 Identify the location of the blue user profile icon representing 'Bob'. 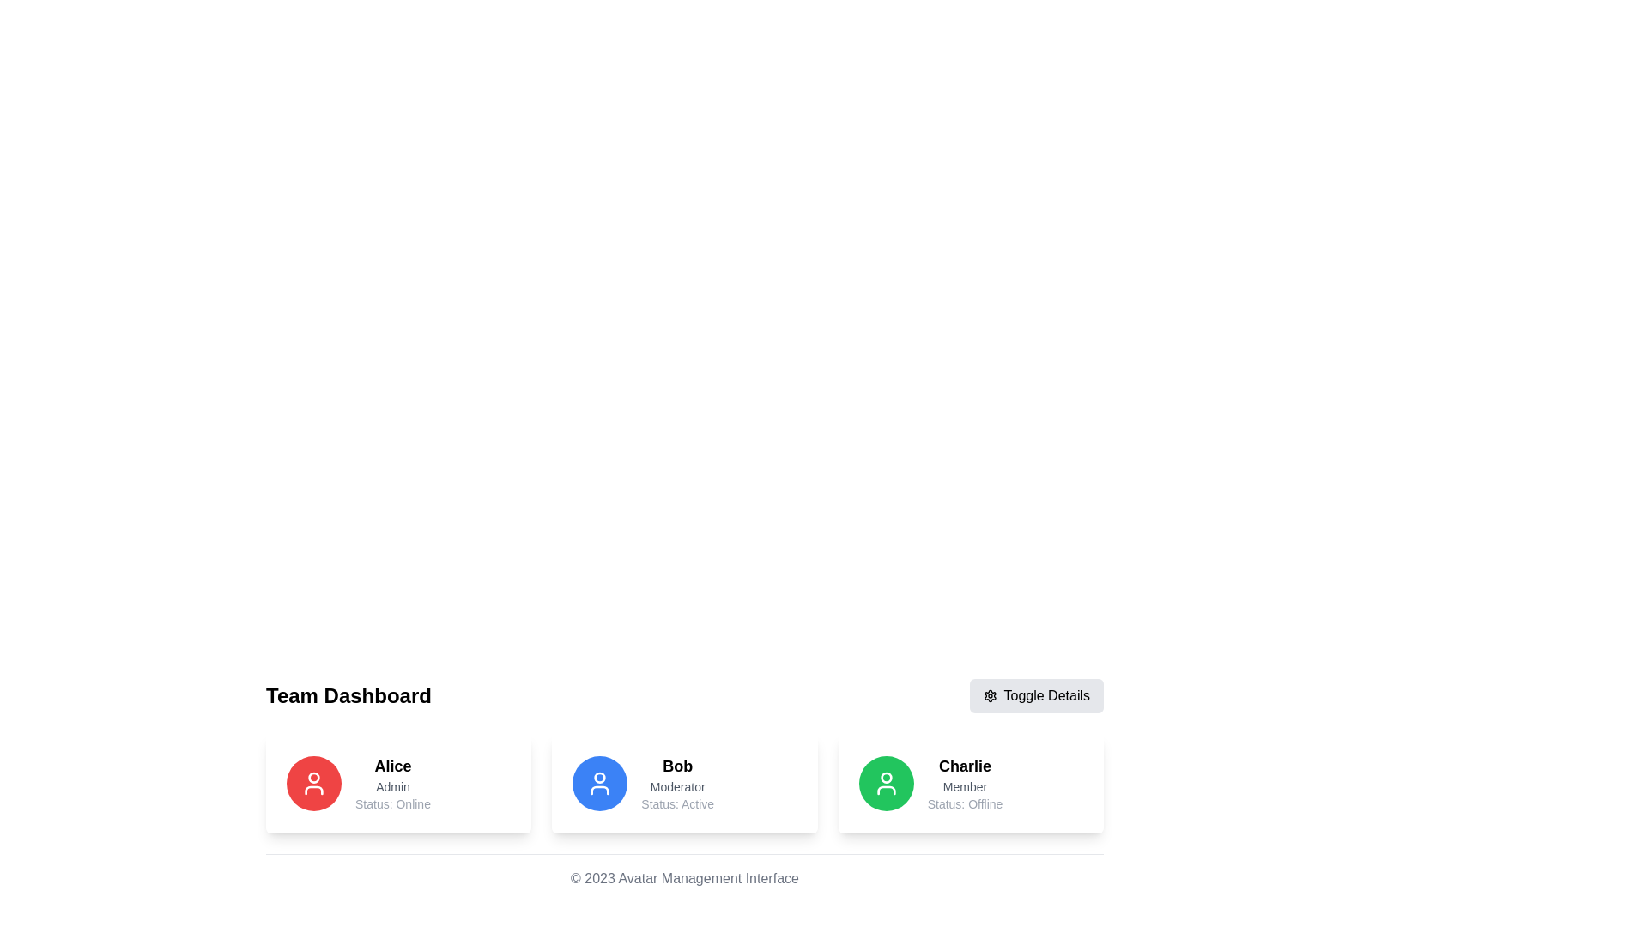
(600, 778).